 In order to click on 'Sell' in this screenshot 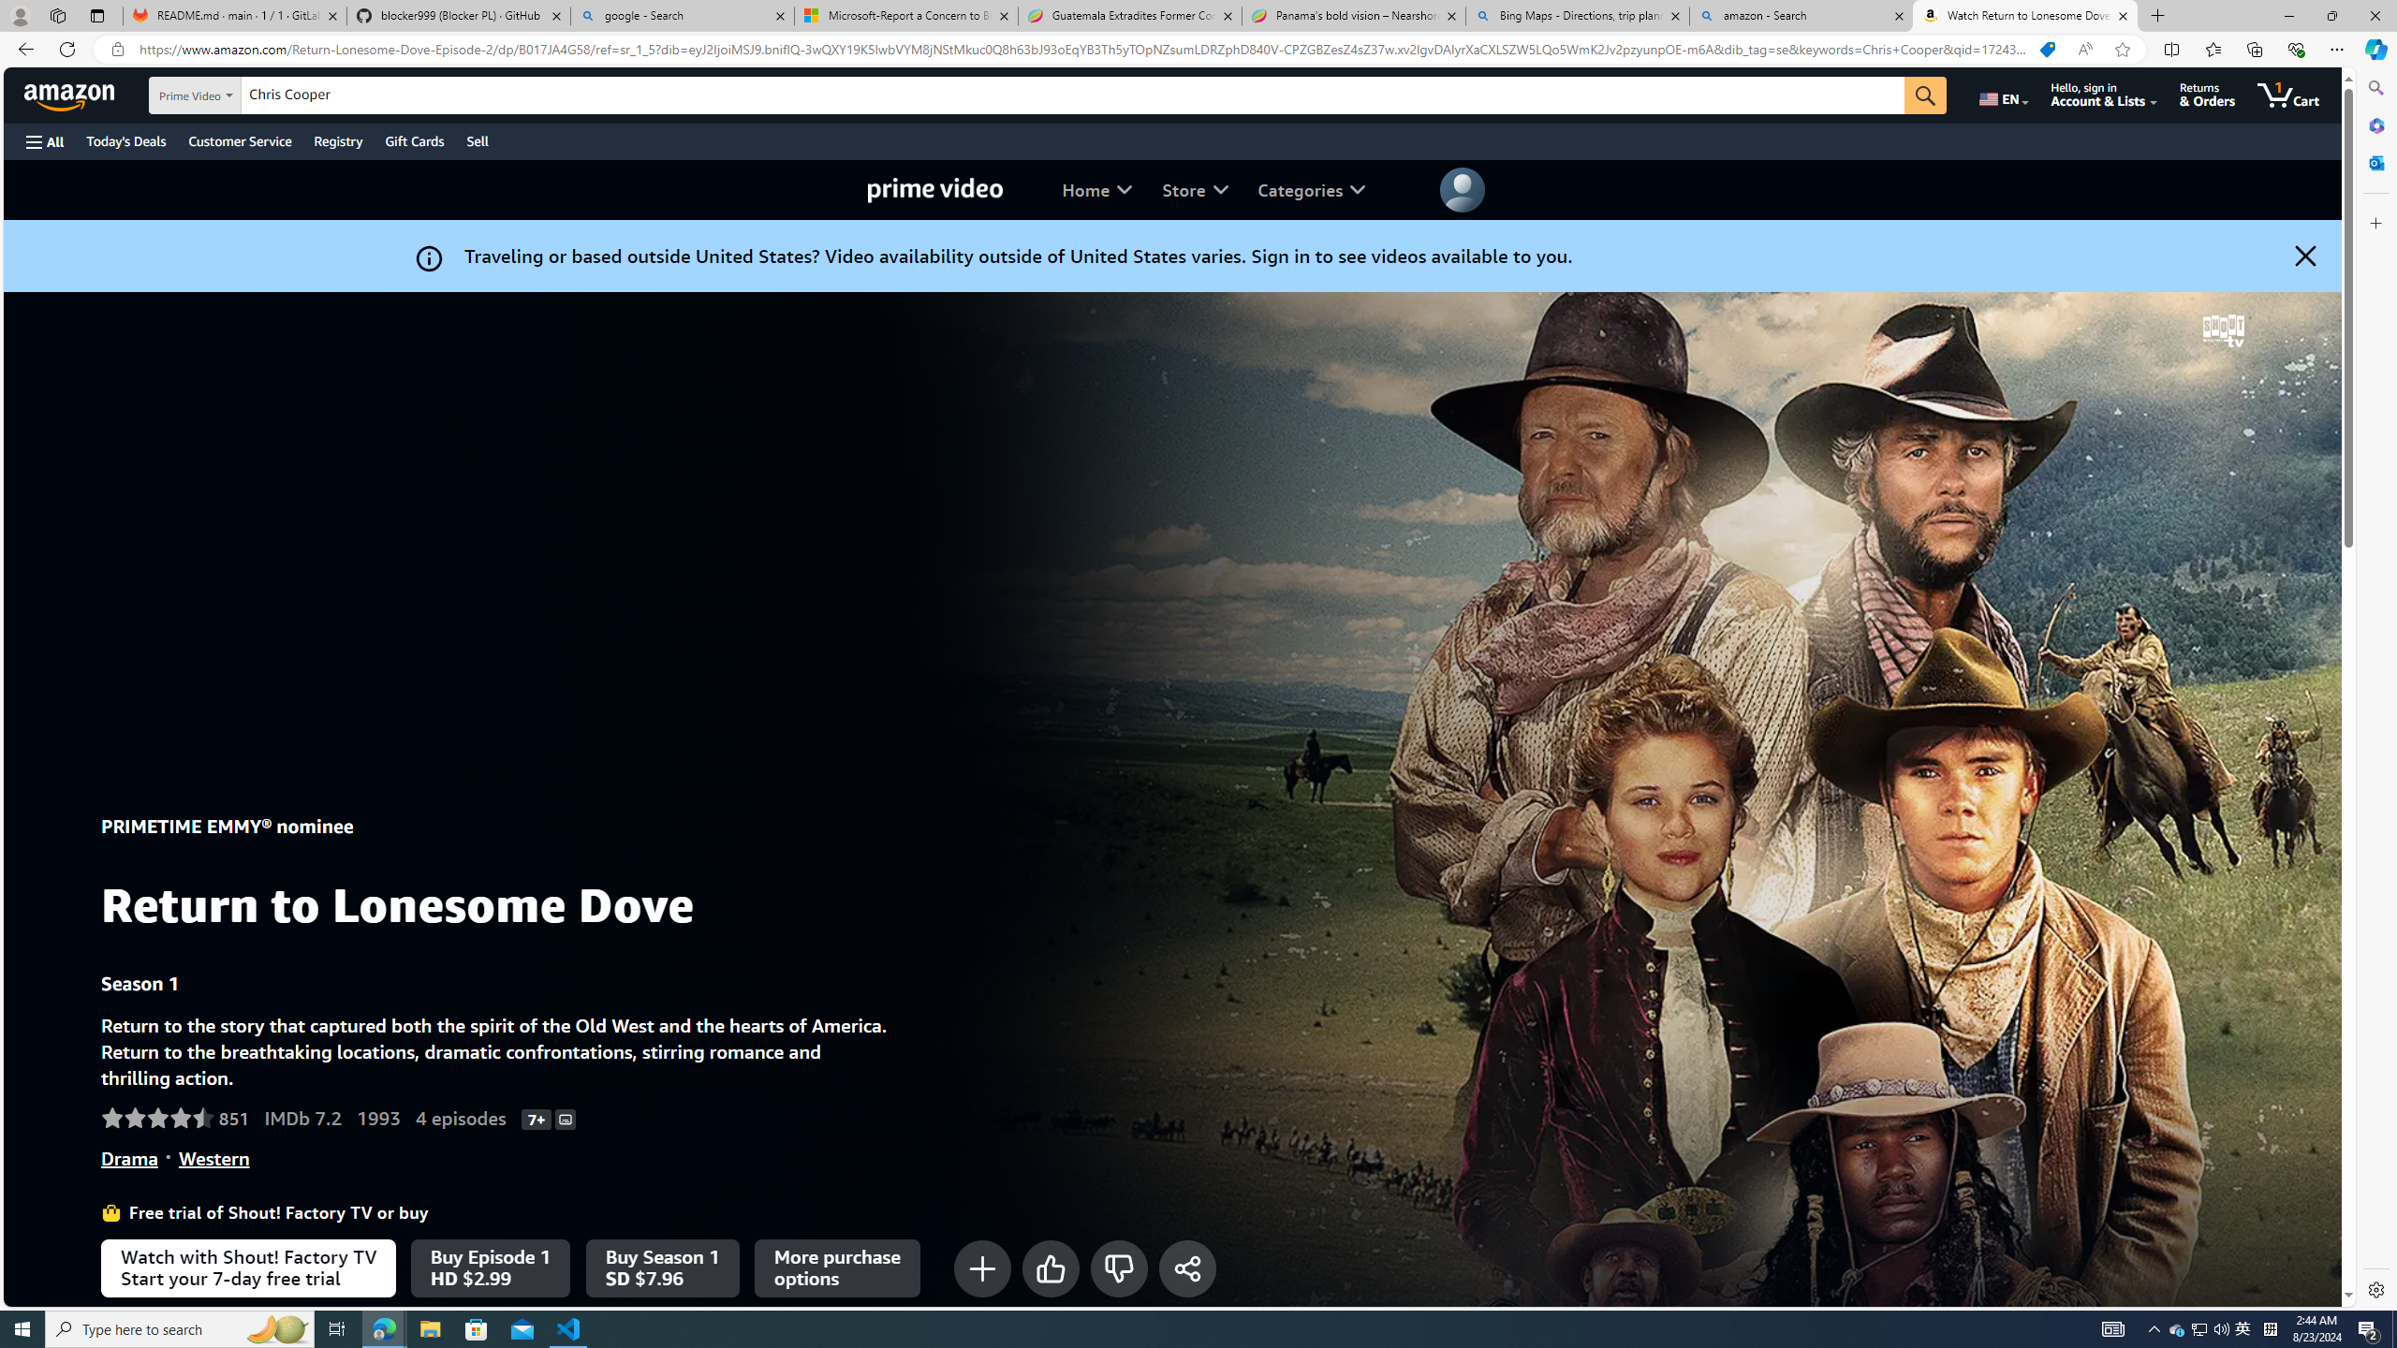, I will do `click(477, 140)`.